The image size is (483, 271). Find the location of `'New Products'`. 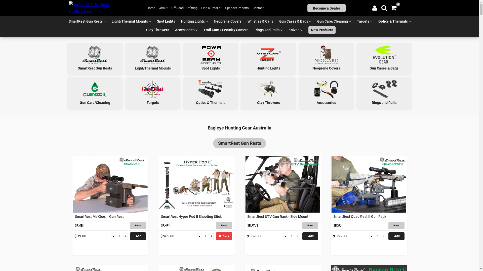

'New Products' is located at coordinates (322, 30).